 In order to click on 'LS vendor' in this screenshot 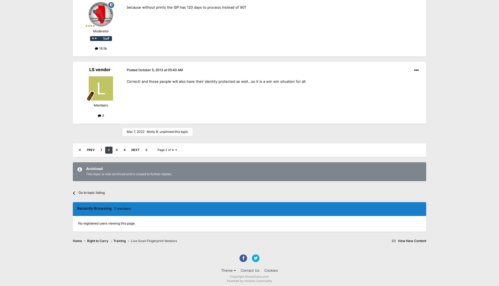, I will do `click(99, 69)`.